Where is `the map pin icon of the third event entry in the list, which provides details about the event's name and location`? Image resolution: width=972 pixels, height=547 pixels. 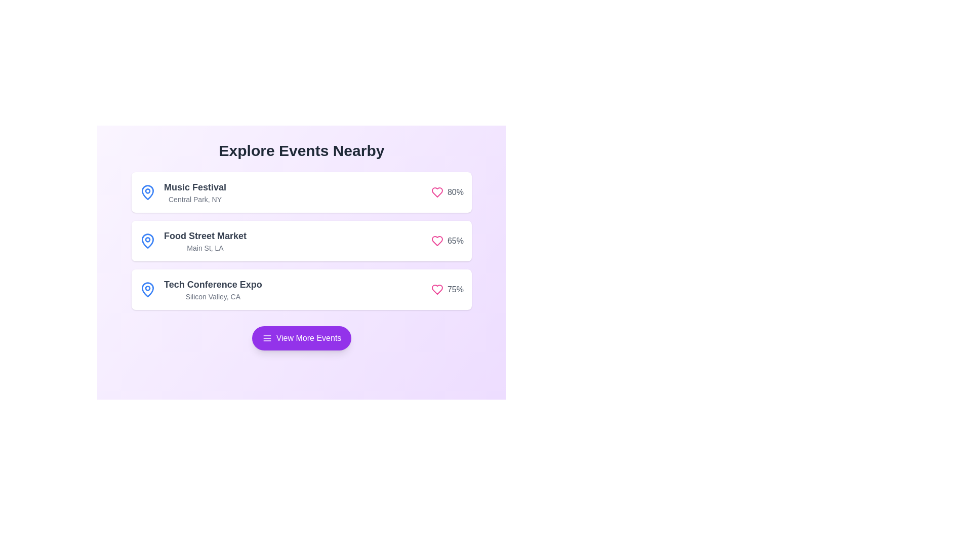
the map pin icon of the third event entry in the list, which provides details about the event's name and location is located at coordinates (200, 289).